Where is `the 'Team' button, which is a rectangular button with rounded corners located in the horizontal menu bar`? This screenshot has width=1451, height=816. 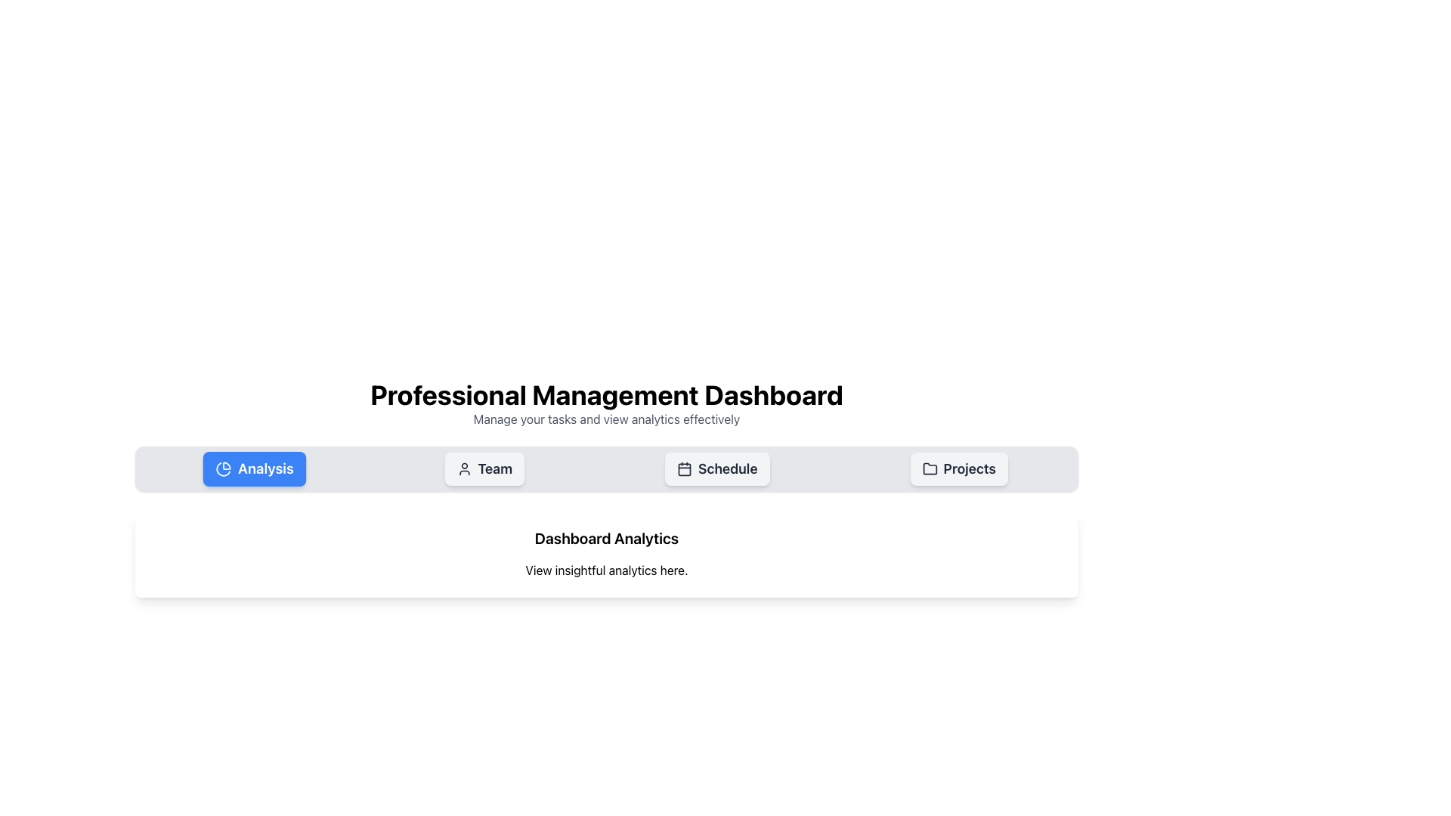
the 'Team' button, which is a rectangular button with rounded corners located in the horizontal menu bar is located at coordinates (484, 468).